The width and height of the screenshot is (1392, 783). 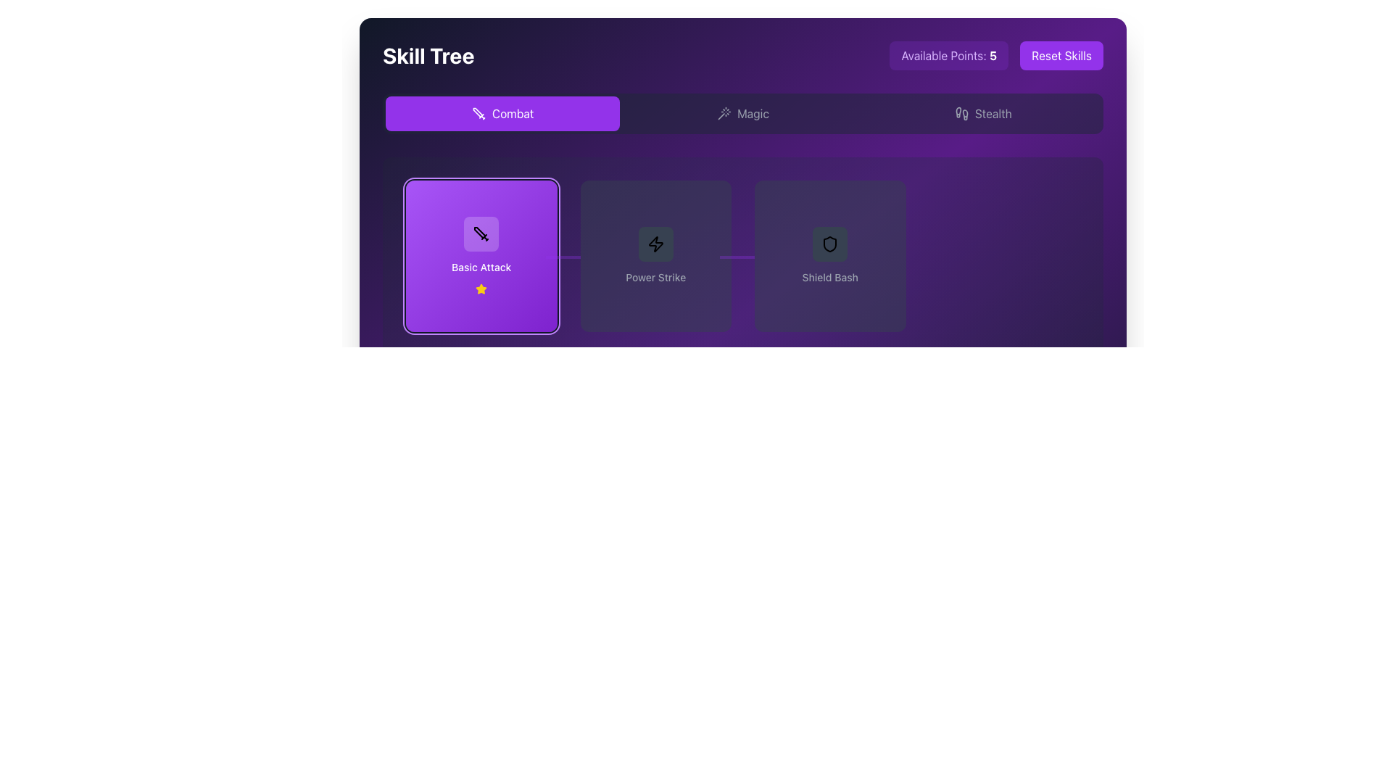 I want to click on the 'Magic' text label element, which displays in white on a dark purple background, located in the horizontal navigation bar between 'Combat' and 'Stealth', so click(x=753, y=113).